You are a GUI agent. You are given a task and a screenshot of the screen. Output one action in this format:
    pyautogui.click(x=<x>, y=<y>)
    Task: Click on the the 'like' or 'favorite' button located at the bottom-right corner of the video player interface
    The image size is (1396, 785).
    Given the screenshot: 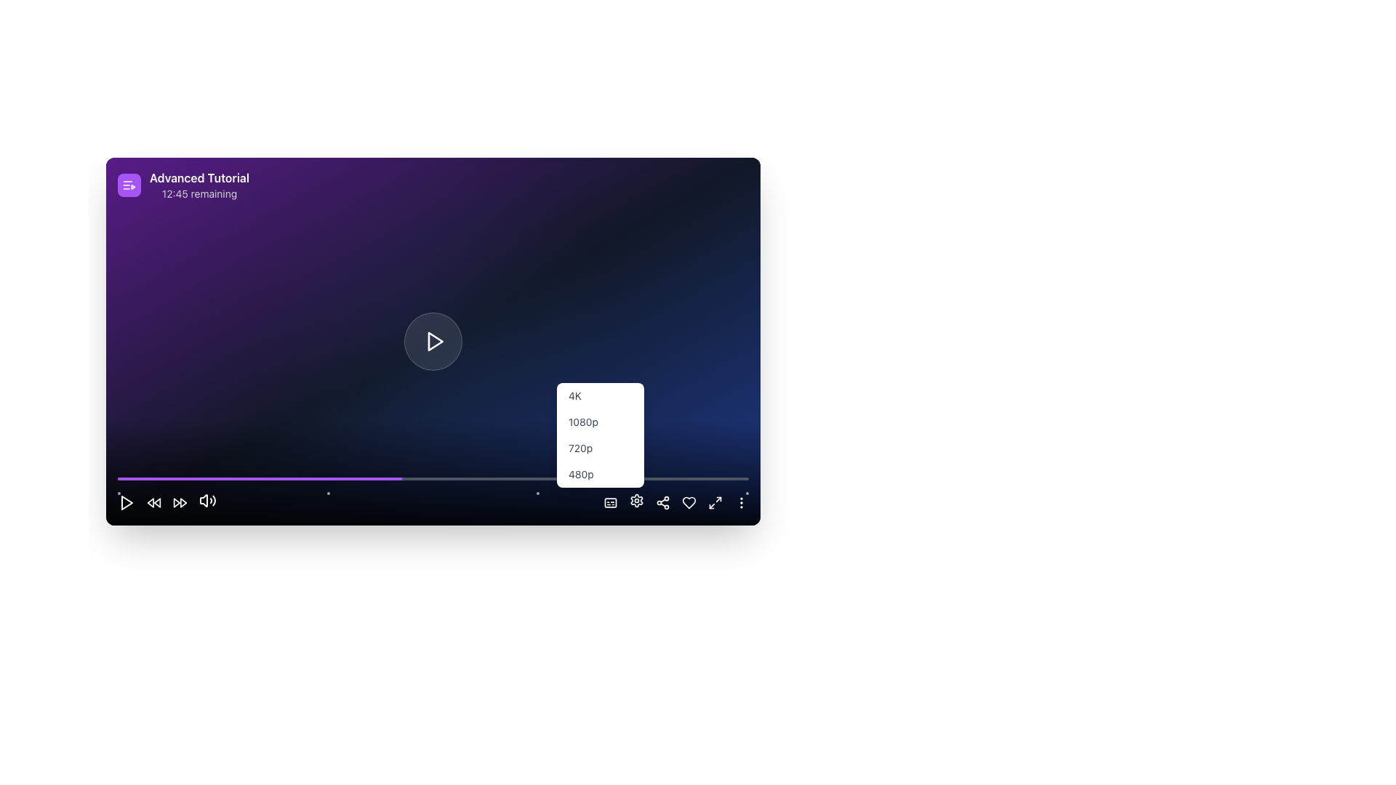 What is the action you would take?
    pyautogui.click(x=689, y=502)
    